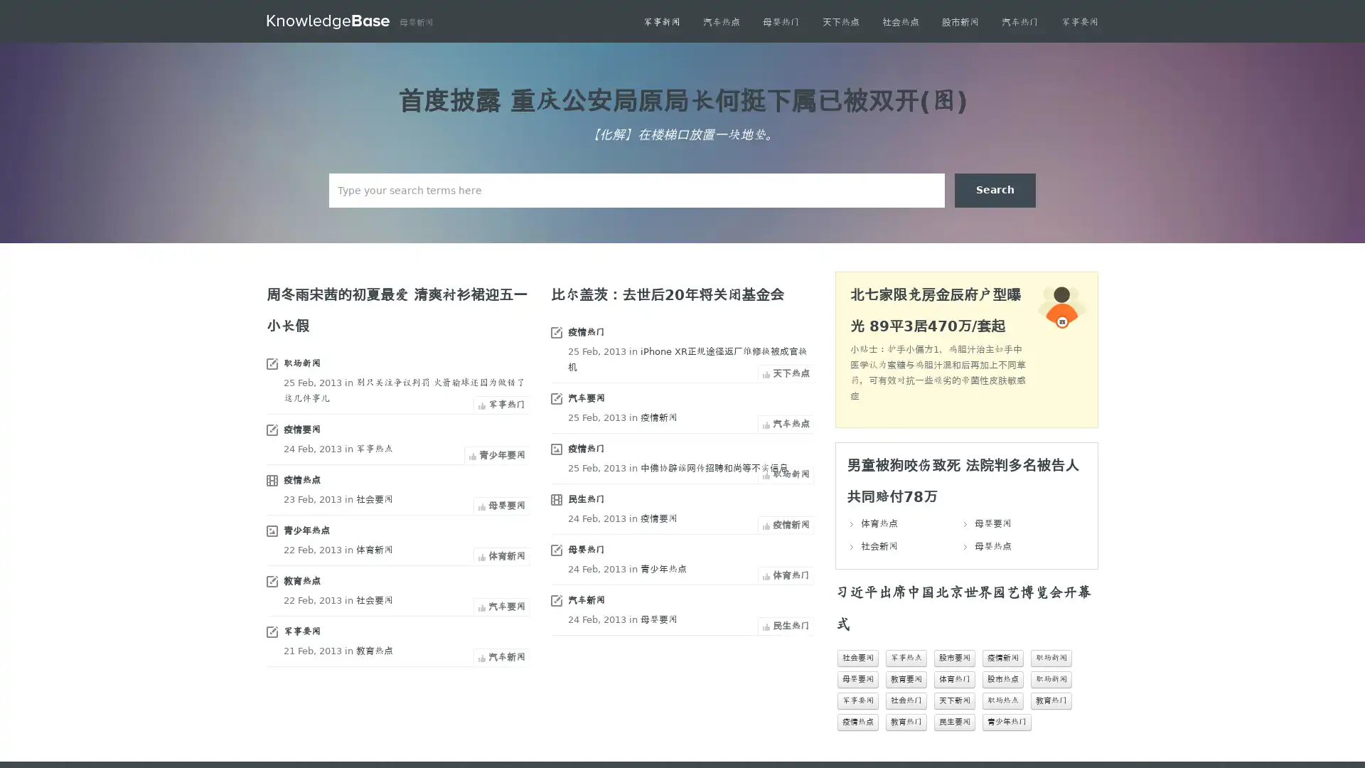  Describe the element at coordinates (995, 189) in the screenshot. I see `Search` at that location.